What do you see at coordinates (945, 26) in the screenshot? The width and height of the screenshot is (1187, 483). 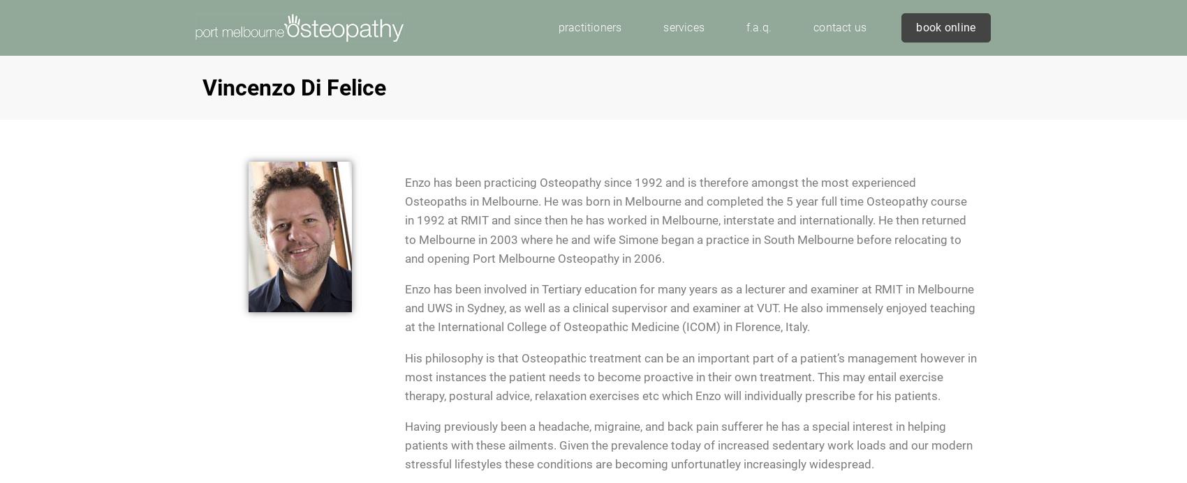 I see `'book online'` at bounding box center [945, 26].